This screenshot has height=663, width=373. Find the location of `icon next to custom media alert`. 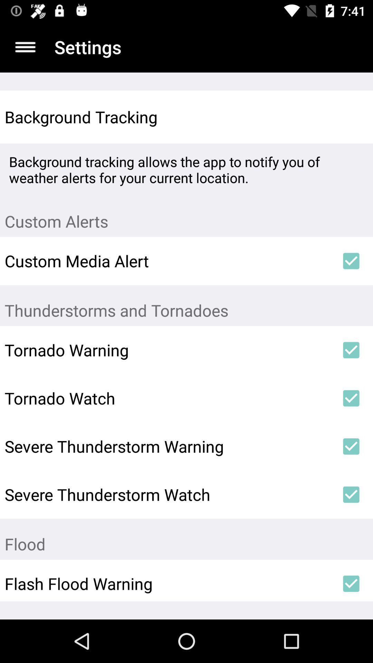

icon next to custom media alert is located at coordinates (351, 260).